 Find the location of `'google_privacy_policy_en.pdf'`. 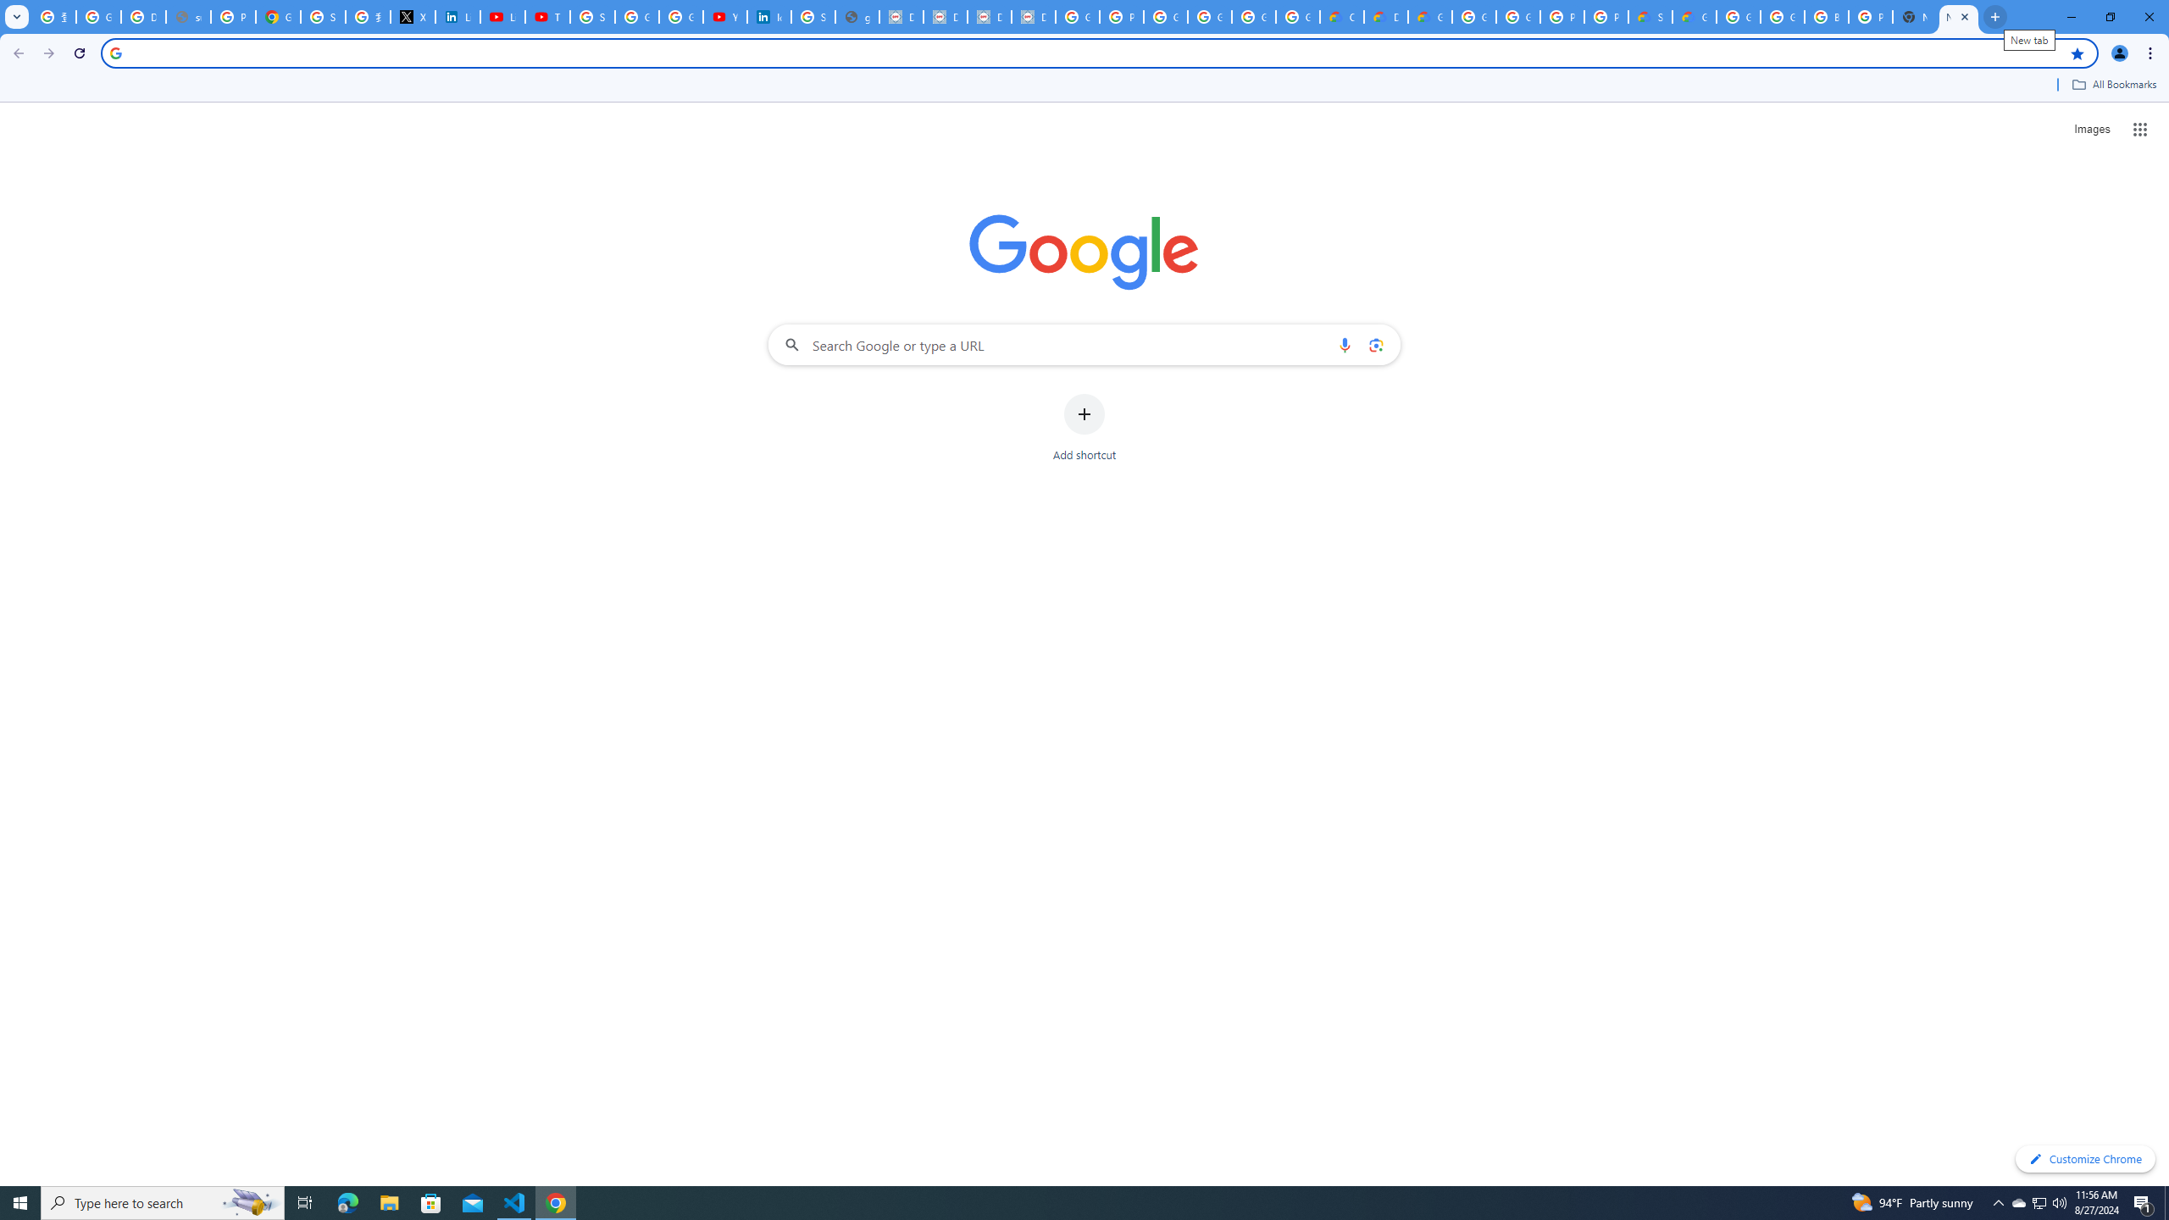

'google_privacy_policy_en.pdf' is located at coordinates (857, 16).